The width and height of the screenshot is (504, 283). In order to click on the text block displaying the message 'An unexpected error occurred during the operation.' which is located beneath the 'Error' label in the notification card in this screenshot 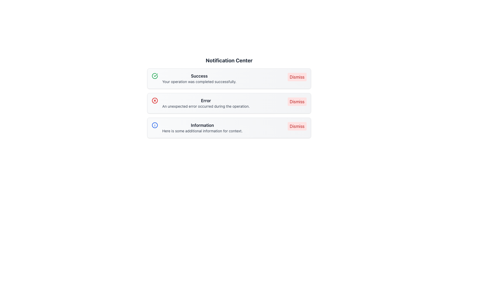, I will do `click(206, 106)`.